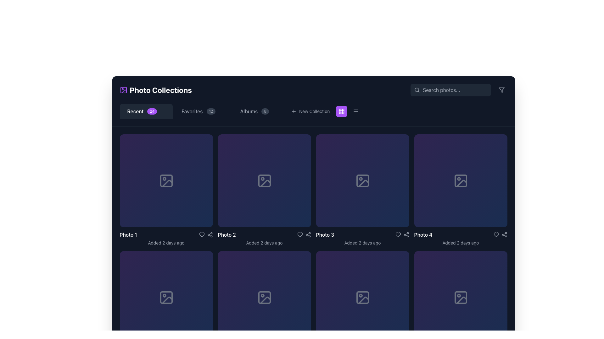 Image resolution: width=604 pixels, height=339 pixels. Describe the element at coordinates (504, 235) in the screenshot. I see `the share icon button located immediately to the right of the red heart icon in the action bar under 'Photo 4'` at that location.